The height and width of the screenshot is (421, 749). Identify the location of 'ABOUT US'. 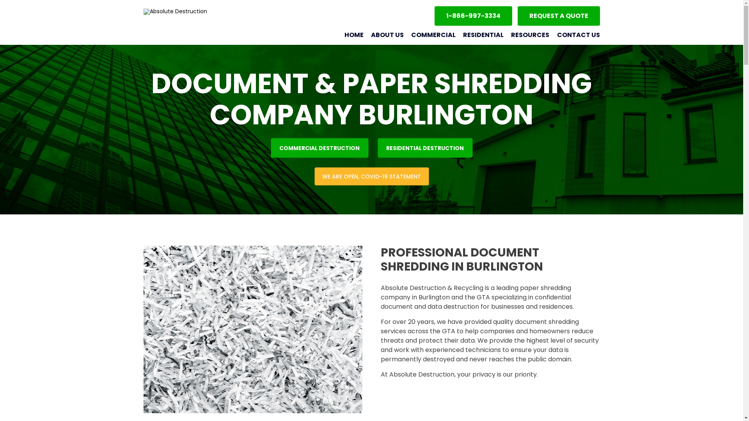
(383, 34).